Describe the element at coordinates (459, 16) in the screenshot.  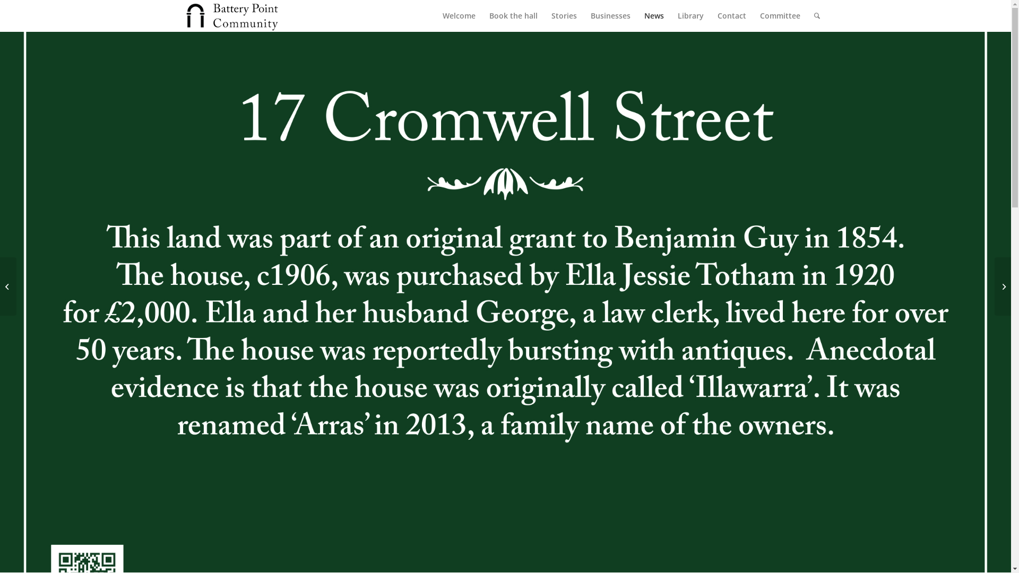
I see `'Welcome'` at that location.